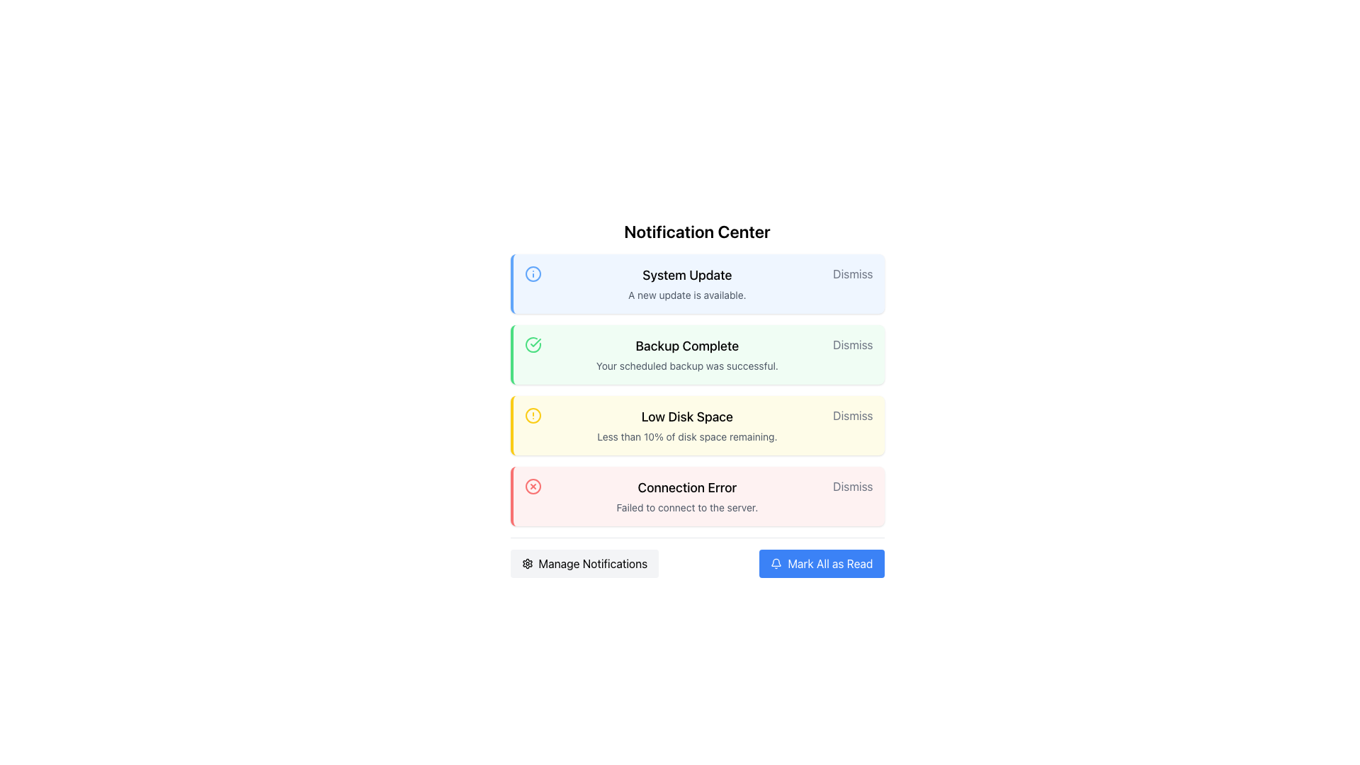 The height and width of the screenshot is (765, 1360). Describe the element at coordinates (822, 562) in the screenshot. I see `the bright blue 'Mark All as Read' button located at the bottom-right of the notification panel` at that location.